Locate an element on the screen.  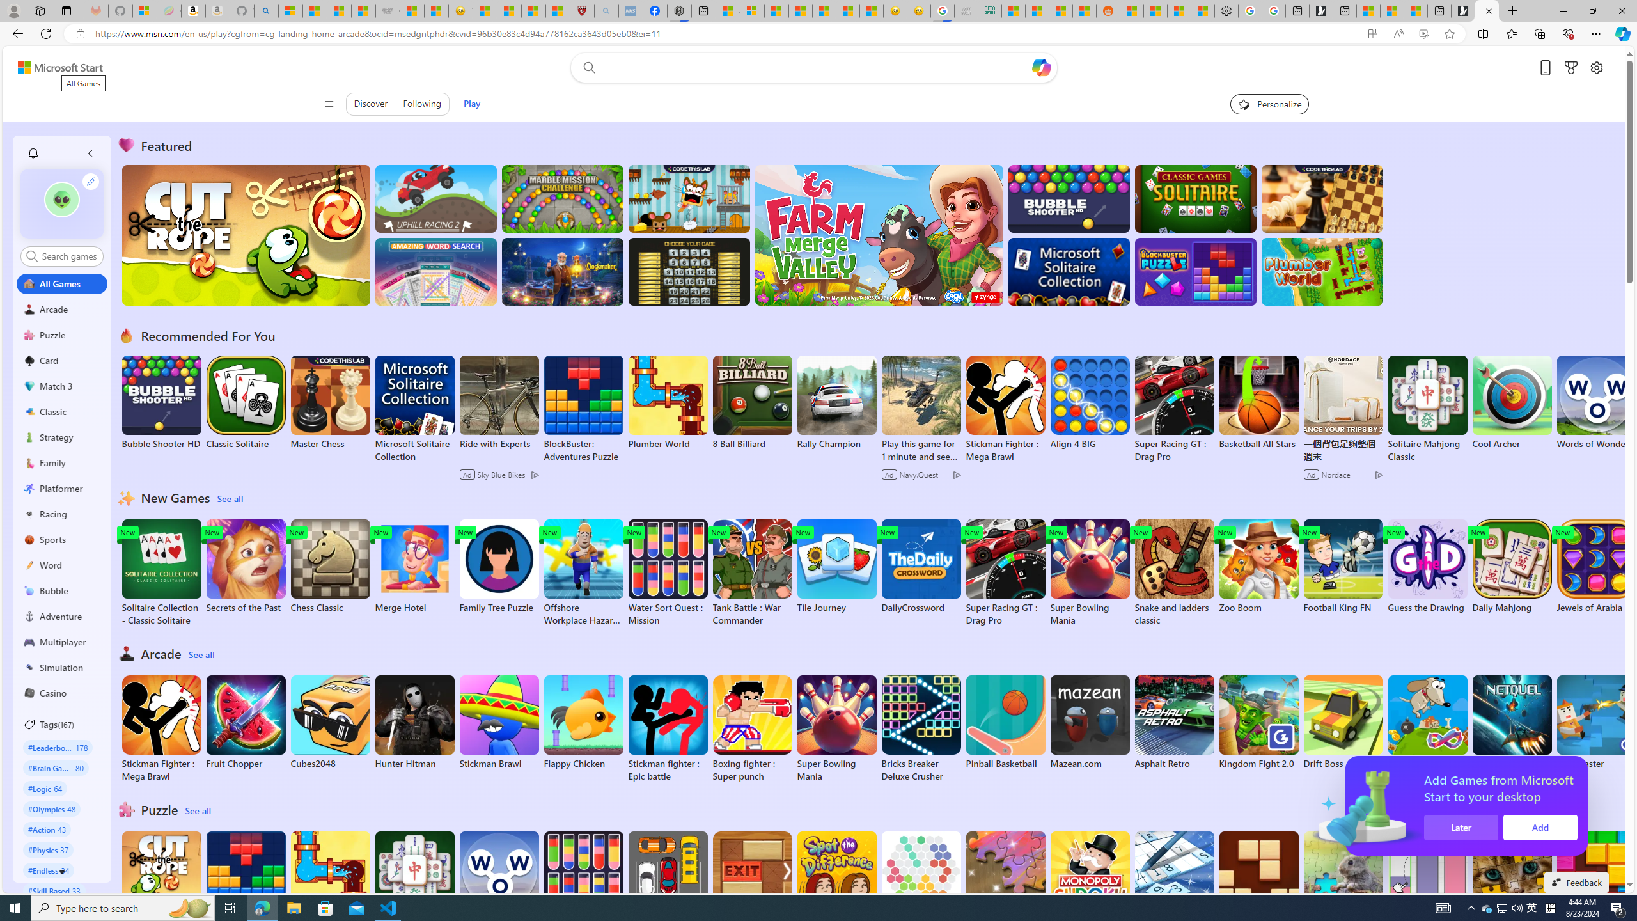
'Daily Mahjong' is located at coordinates (1512, 566).